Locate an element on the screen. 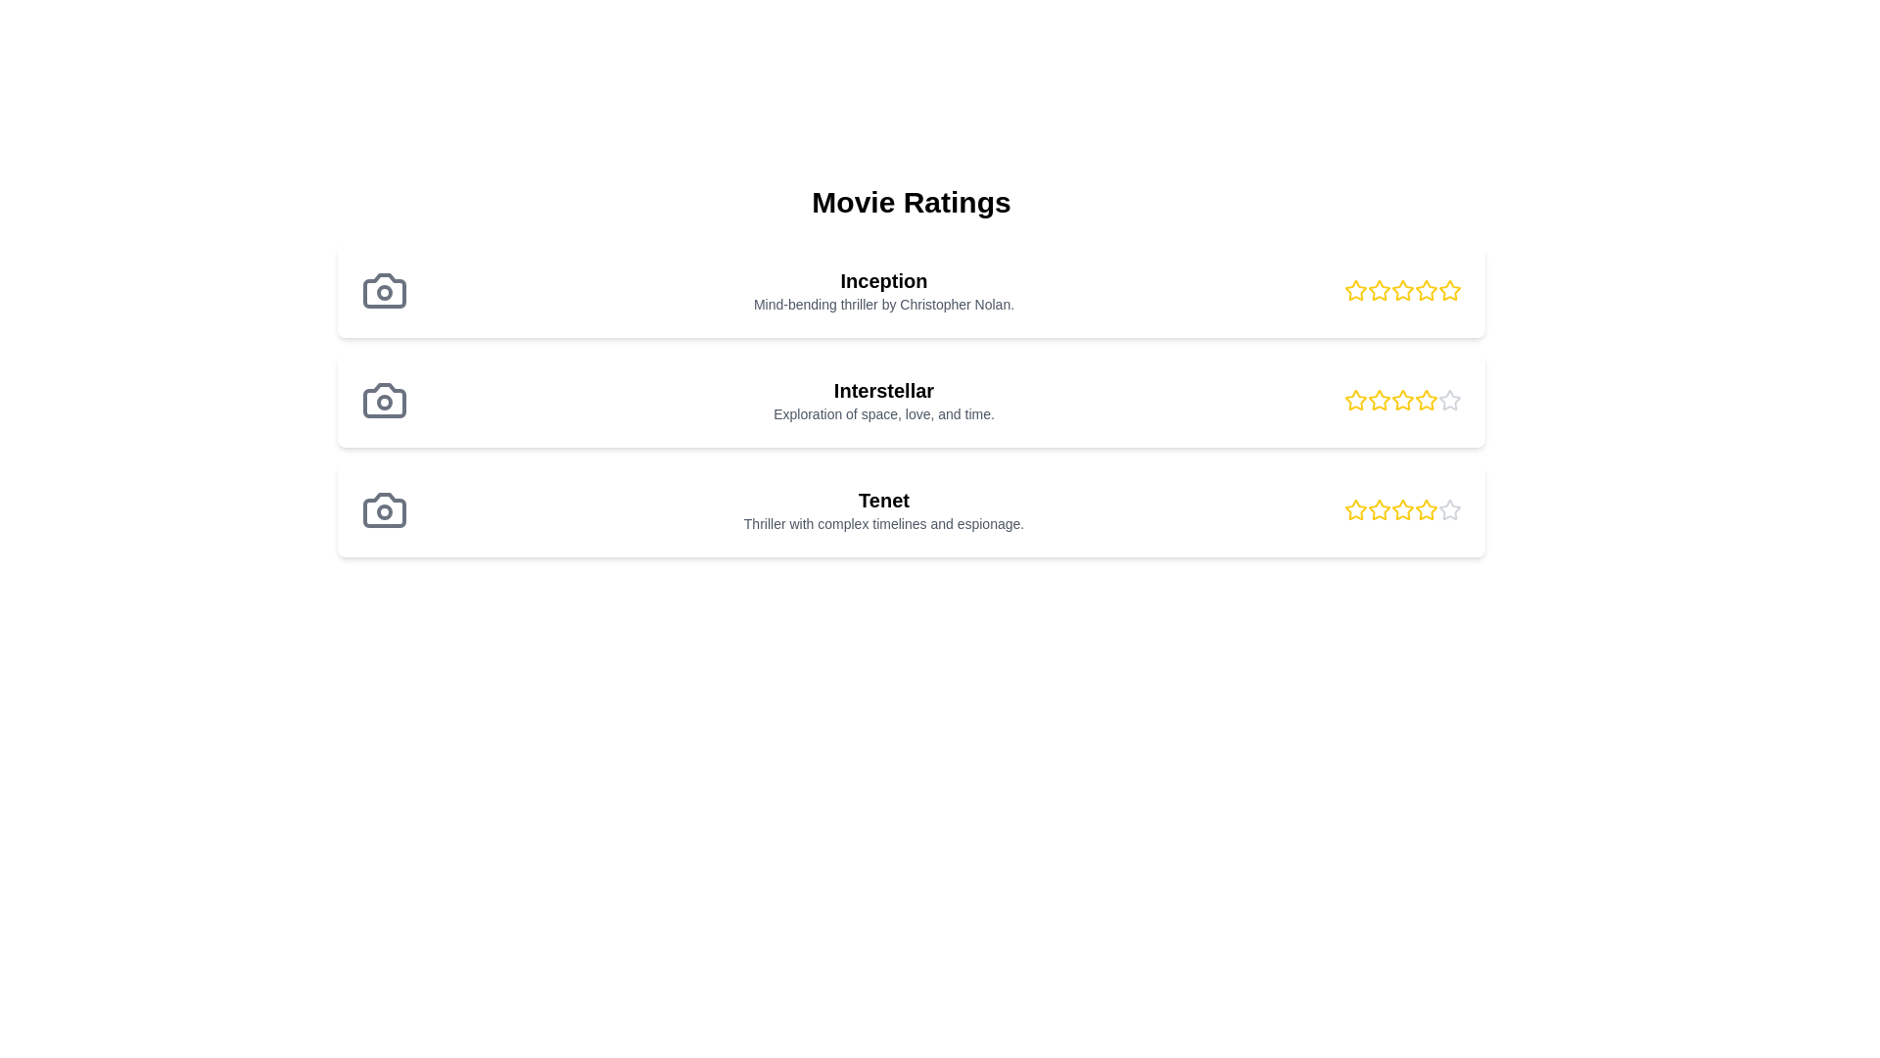  the fifth star icon in the rating system for the 'Inception' movie is located at coordinates (1427, 291).